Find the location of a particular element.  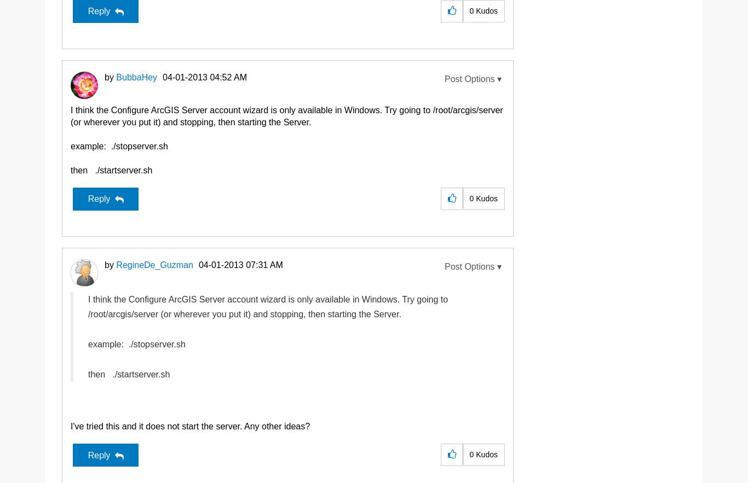

'07:31 AM' is located at coordinates (264, 264).